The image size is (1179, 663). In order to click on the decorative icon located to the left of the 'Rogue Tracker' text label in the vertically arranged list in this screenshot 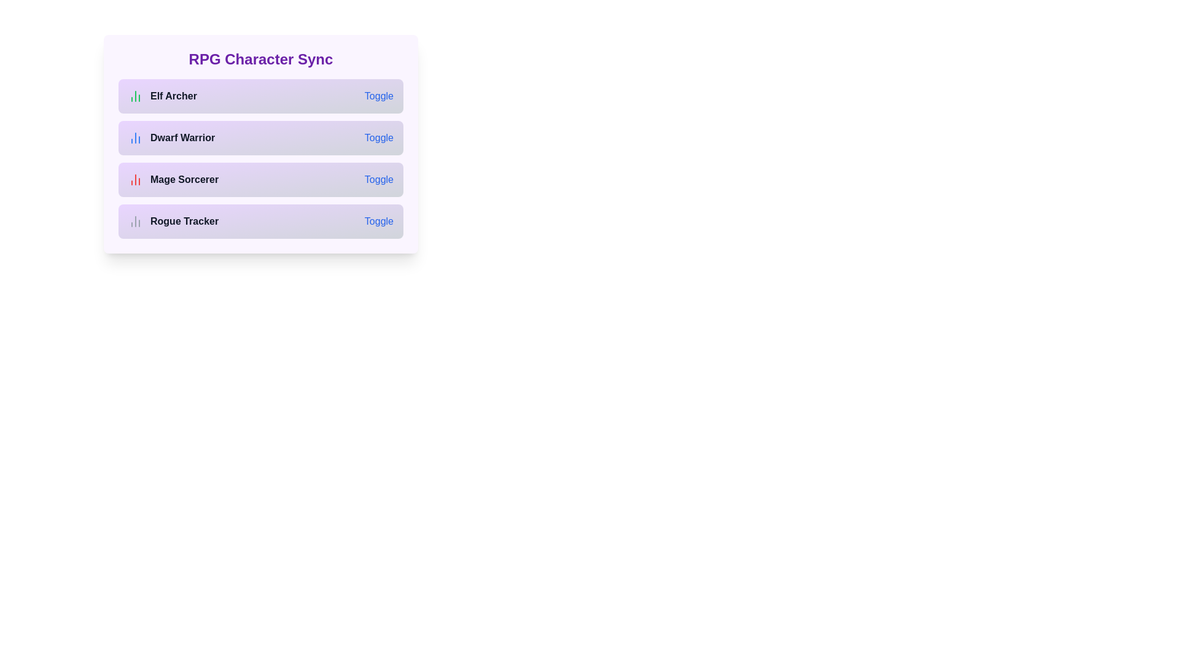, I will do `click(135, 222)`.